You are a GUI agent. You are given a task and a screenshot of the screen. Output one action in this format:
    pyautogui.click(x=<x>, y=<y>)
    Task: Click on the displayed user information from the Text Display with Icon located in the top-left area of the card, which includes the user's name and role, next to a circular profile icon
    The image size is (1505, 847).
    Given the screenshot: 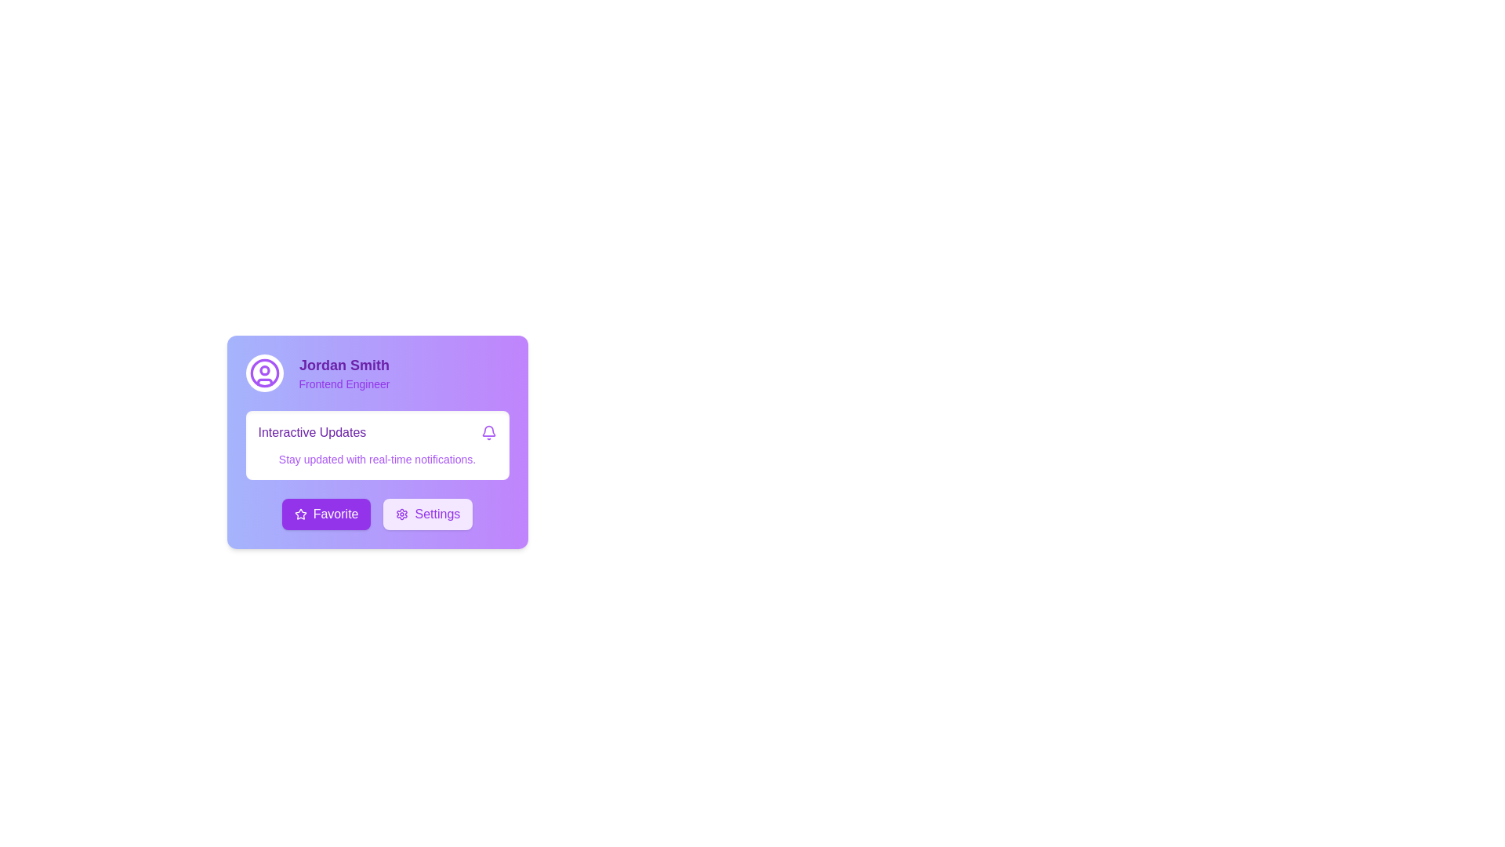 What is the action you would take?
    pyautogui.click(x=377, y=373)
    